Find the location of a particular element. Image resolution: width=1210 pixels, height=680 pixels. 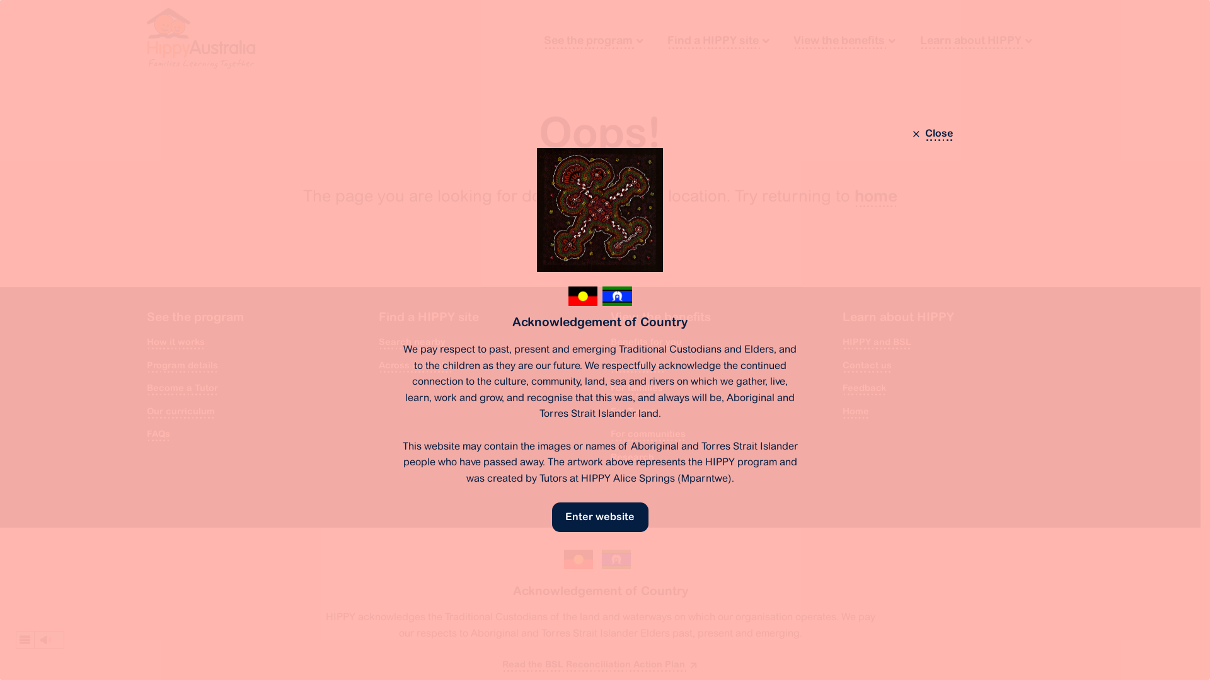

'Our curriculum' is located at coordinates (180, 412).